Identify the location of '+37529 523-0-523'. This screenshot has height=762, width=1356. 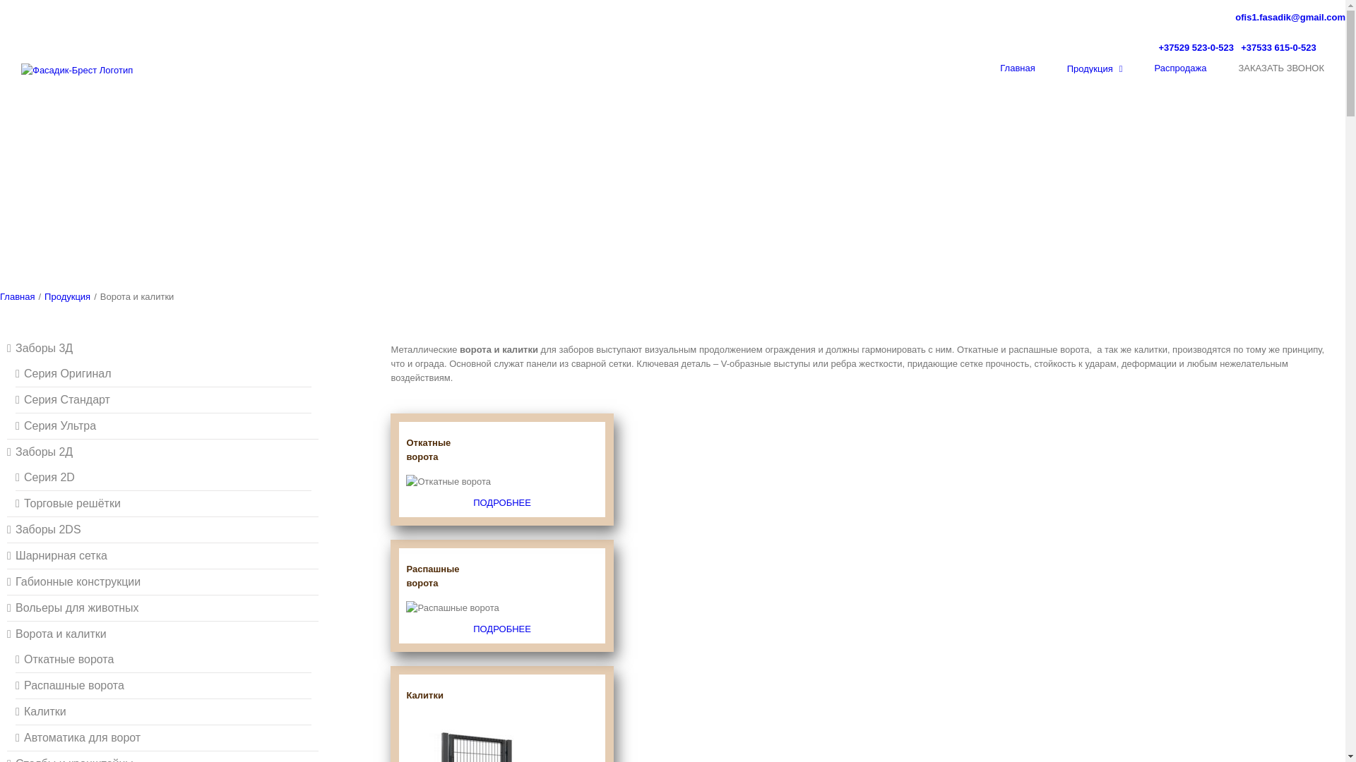
(1155, 47).